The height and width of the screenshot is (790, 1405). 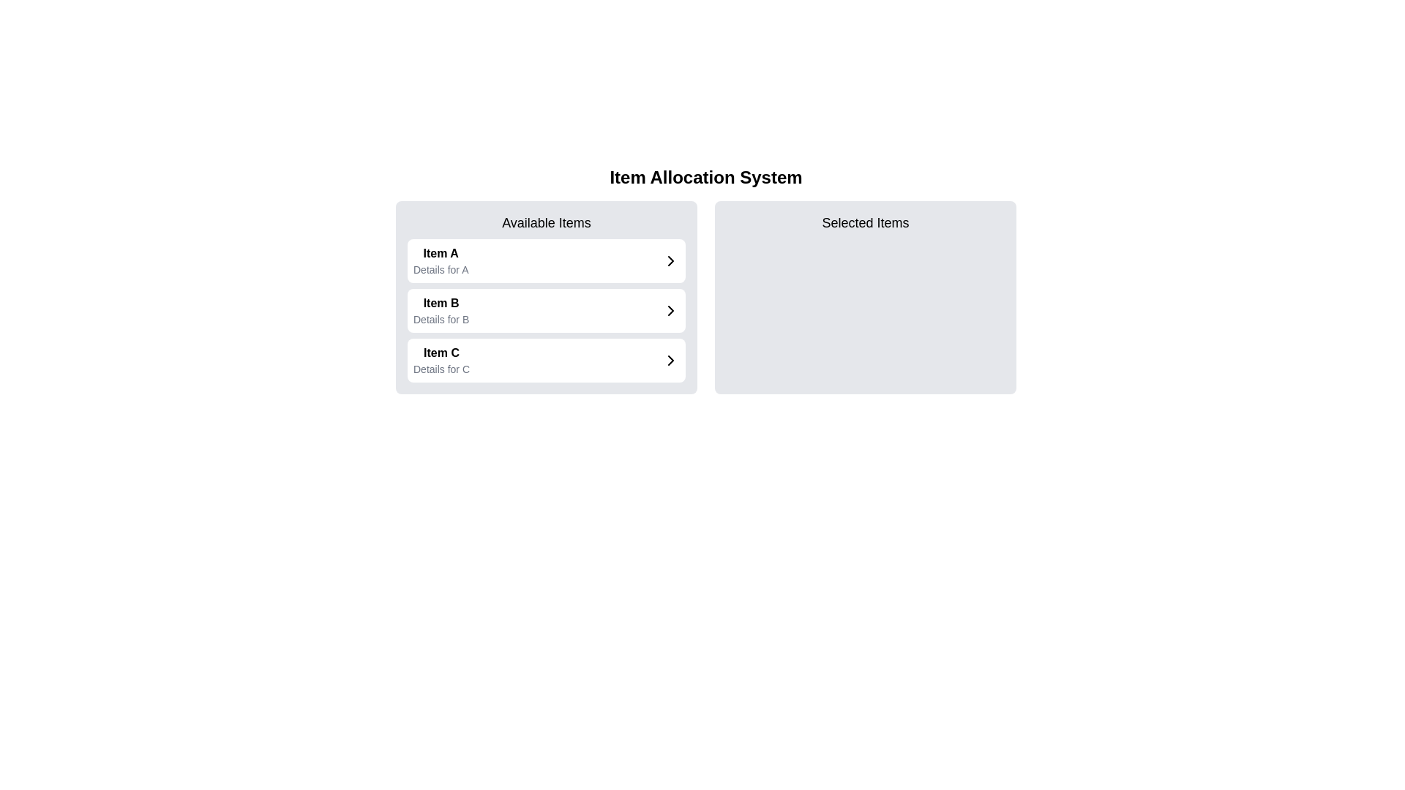 What do you see at coordinates (670, 309) in the screenshot?
I see `the interactive chevron icon (>) located at the rightmost part of the list item labeled 'Item B', which is styled with a hover effect that changes its color to green` at bounding box center [670, 309].